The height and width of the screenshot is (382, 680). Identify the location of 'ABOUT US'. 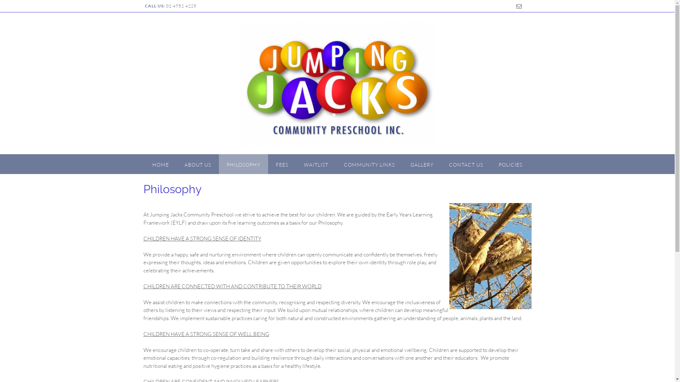
(198, 164).